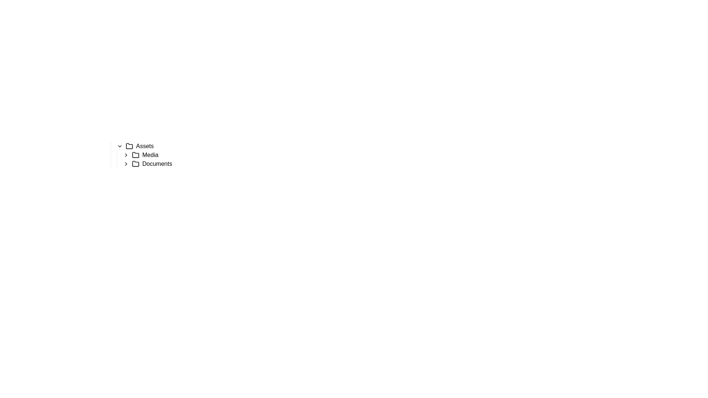  What do you see at coordinates (136, 163) in the screenshot?
I see `the folder icon, which is a minimalist line art representation in black, located in the vertical navigation panel, positioned between a rightward angled arrow icon and the 'Documents' text label` at bounding box center [136, 163].